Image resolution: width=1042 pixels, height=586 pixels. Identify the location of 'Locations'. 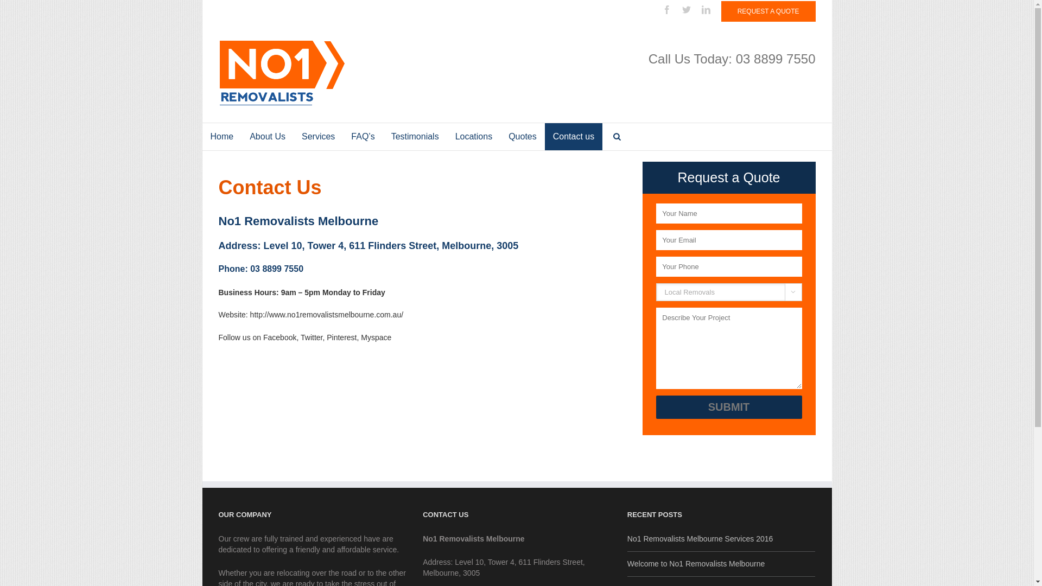
(474, 136).